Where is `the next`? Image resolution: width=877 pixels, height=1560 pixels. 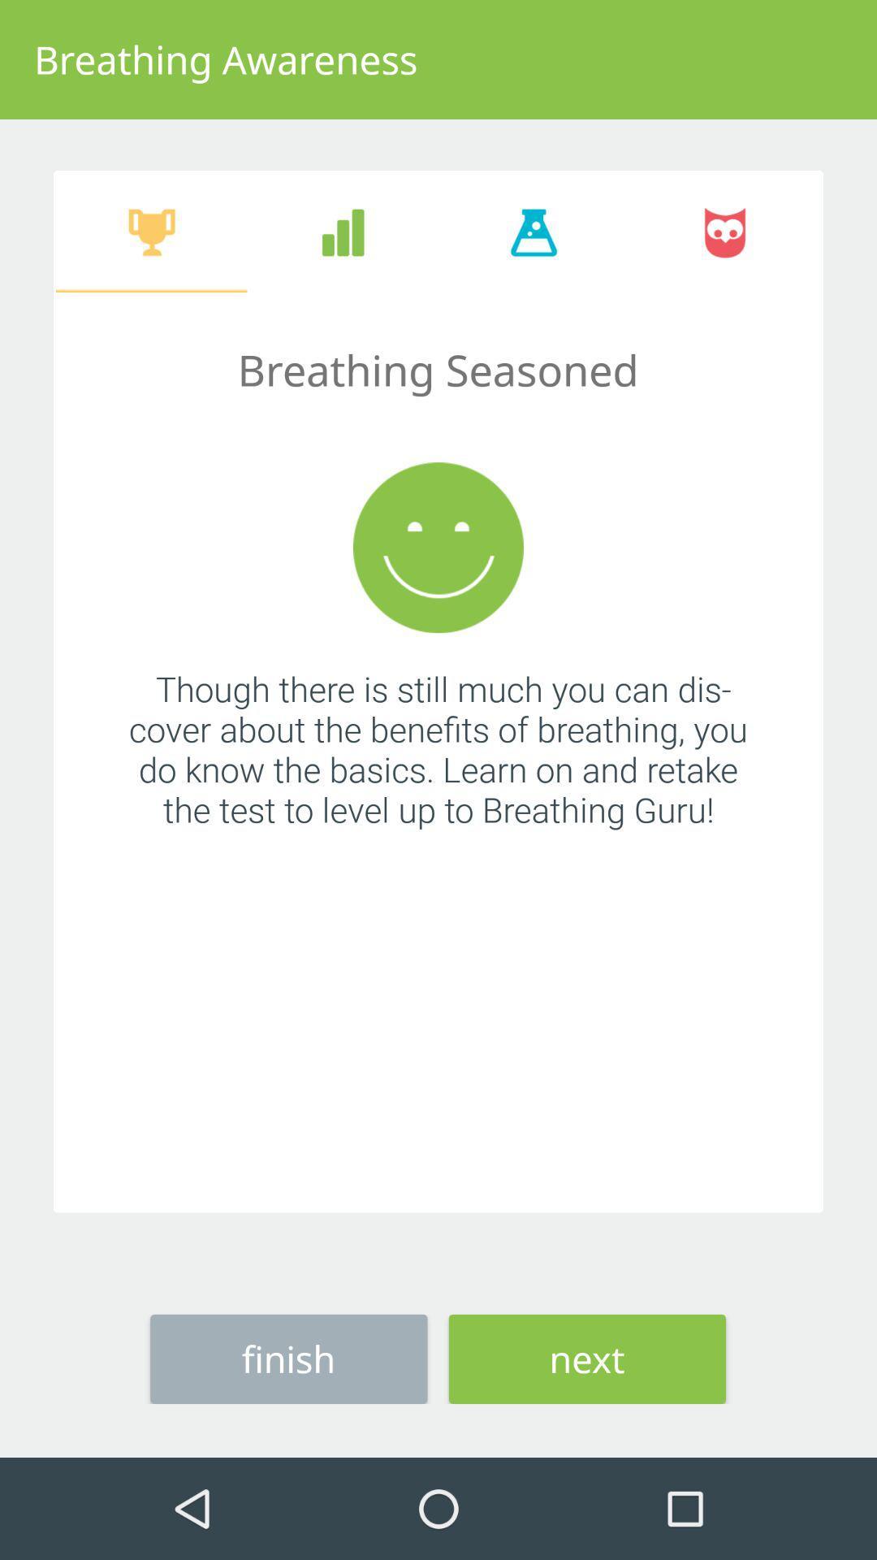 the next is located at coordinates (587, 1358).